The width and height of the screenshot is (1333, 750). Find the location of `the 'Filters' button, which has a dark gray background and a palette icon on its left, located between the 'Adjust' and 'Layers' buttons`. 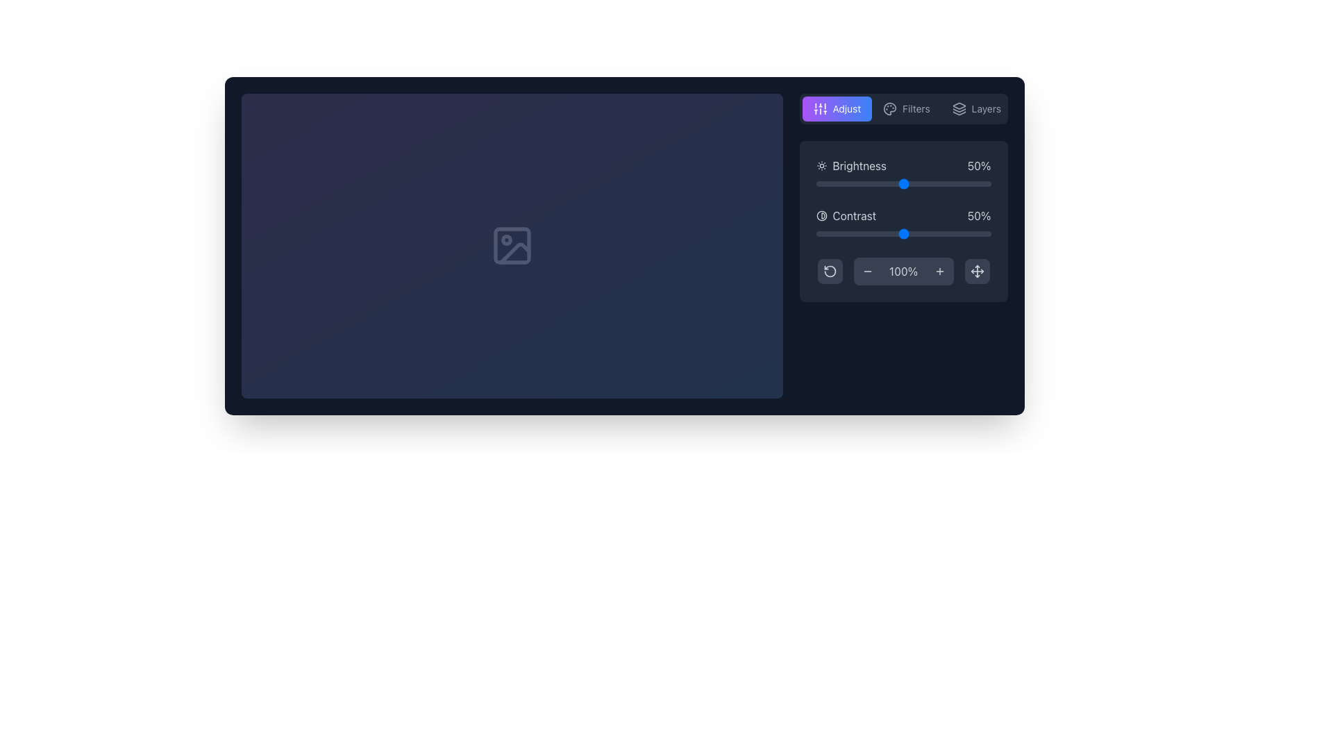

the 'Filters' button, which has a dark gray background and a palette icon on its left, located between the 'Adjust' and 'Layers' buttons is located at coordinates (906, 108).